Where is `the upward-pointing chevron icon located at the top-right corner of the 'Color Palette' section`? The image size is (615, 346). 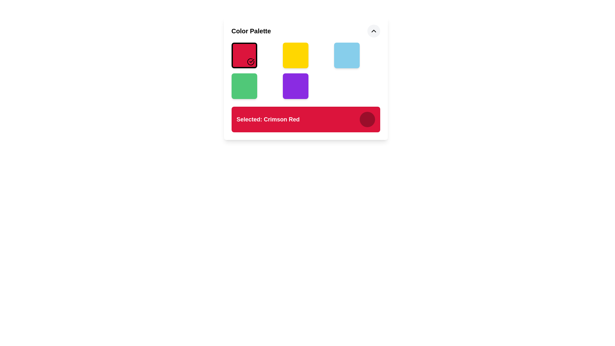
the upward-pointing chevron icon located at the top-right corner of the 'Color Palette' section is located at coordinates (373, 31).